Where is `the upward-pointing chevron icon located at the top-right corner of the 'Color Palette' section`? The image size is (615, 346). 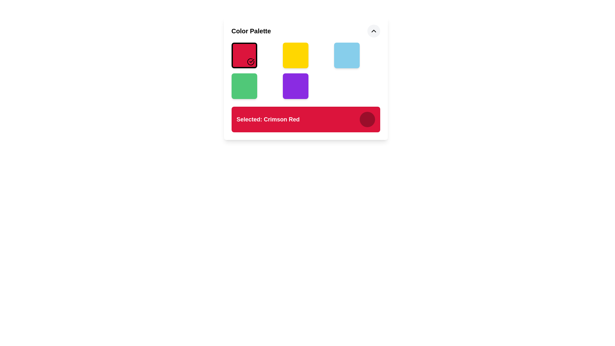
the upward-pointing chevron icon located at the top-right corner of the 'Color Palette' section is located at coordinates (373, 31).